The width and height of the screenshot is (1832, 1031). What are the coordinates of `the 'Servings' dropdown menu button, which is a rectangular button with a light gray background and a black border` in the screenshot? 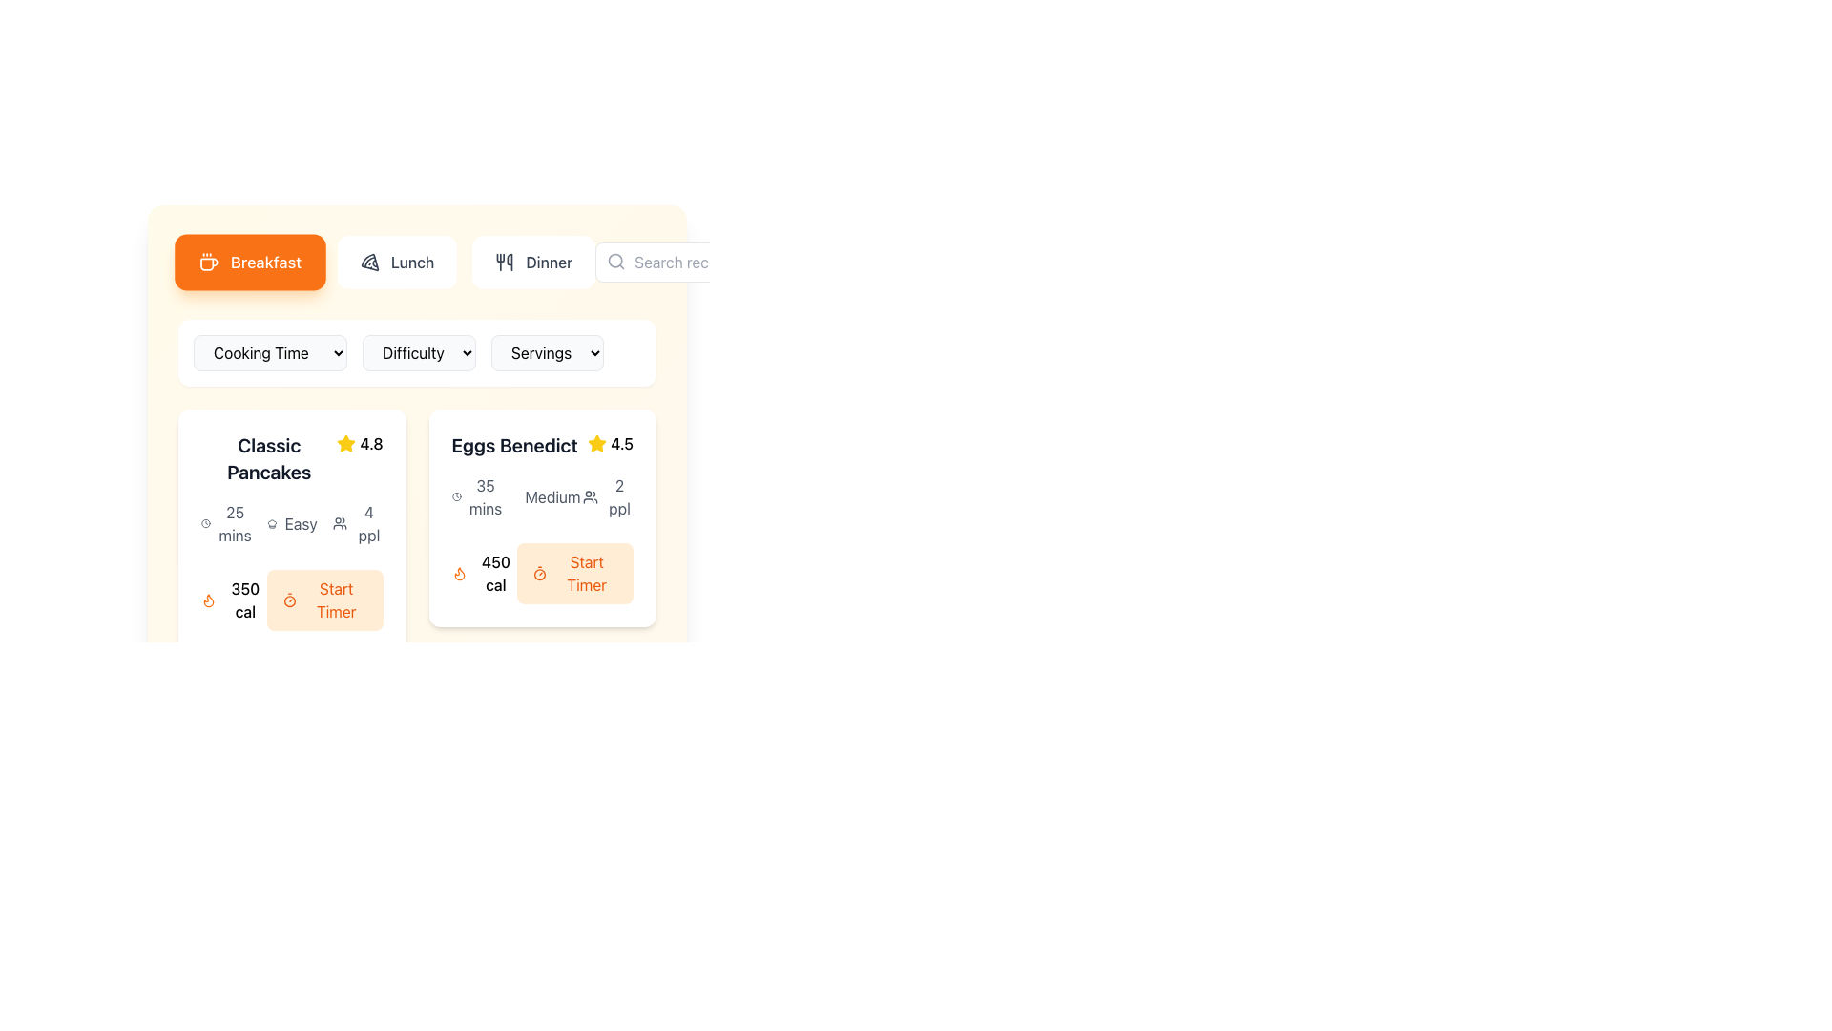 It's located at (547, 353).